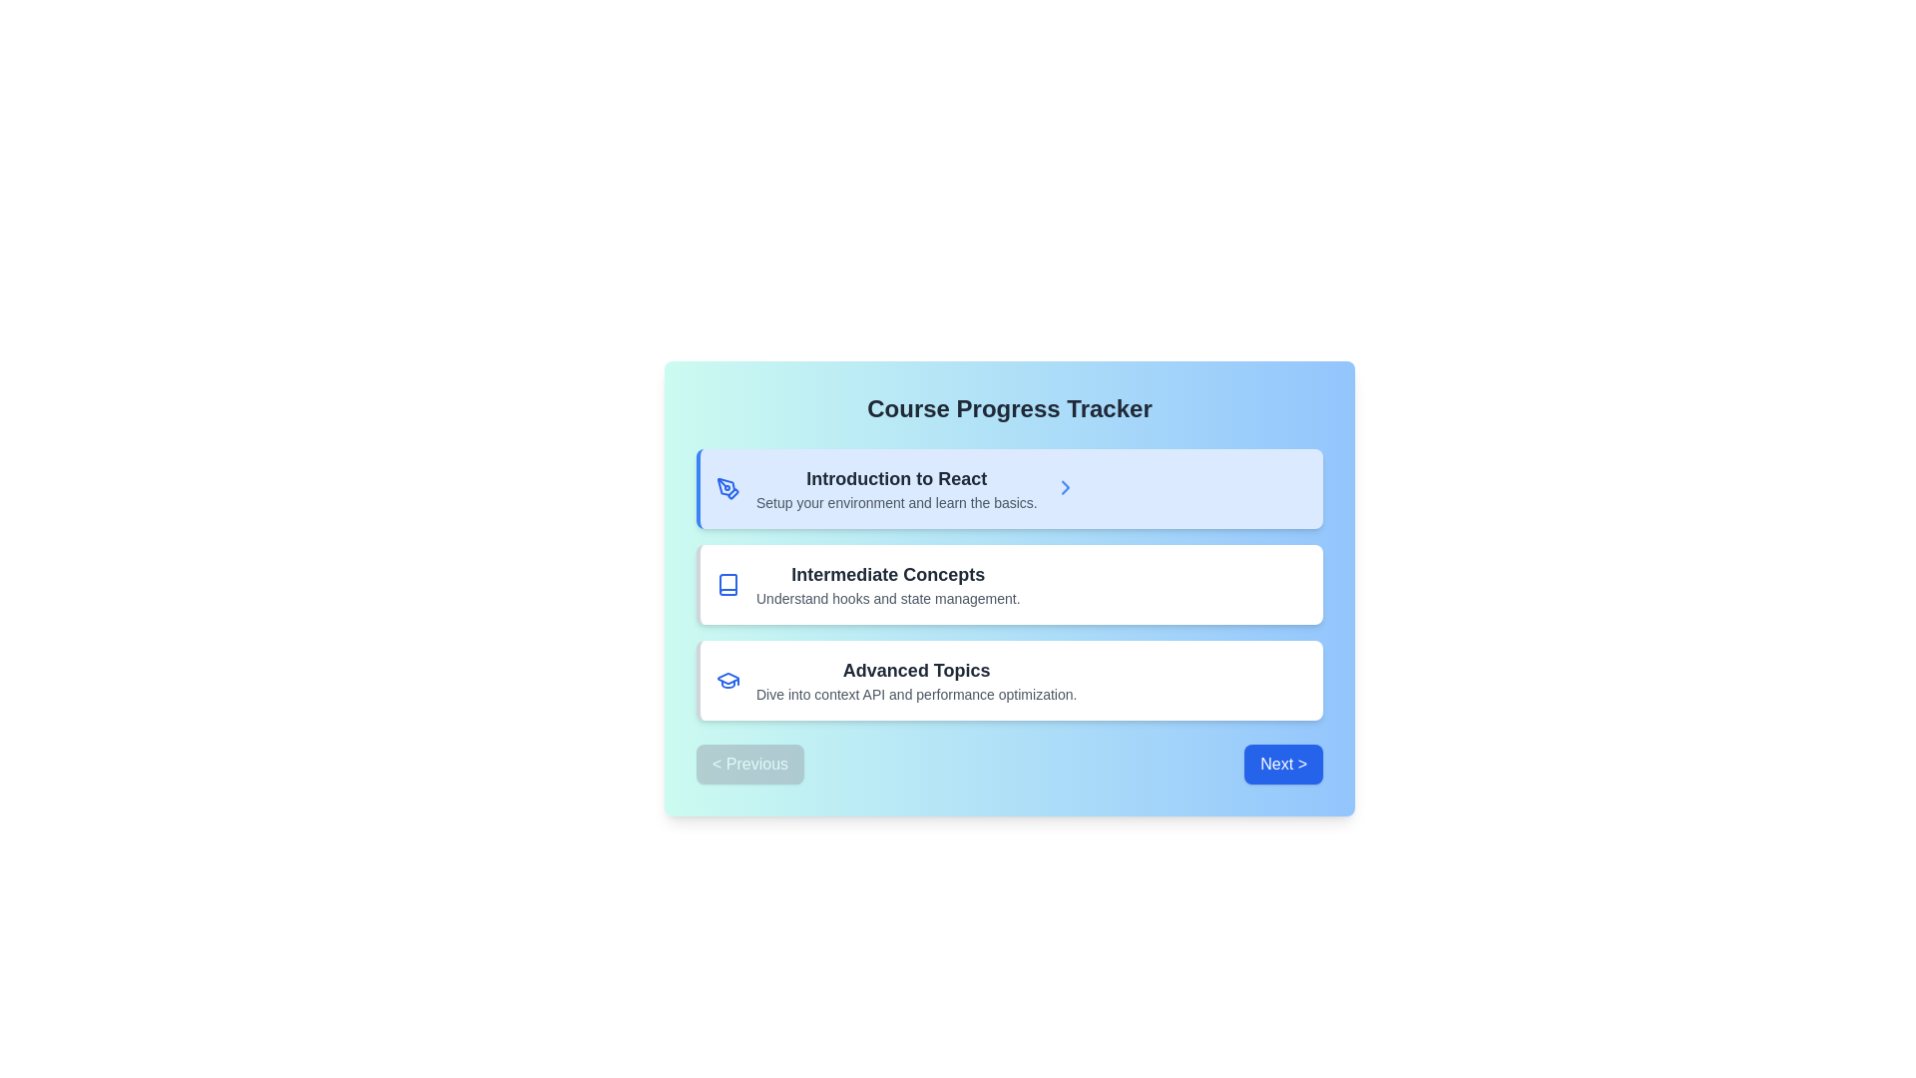  Describe the element at coordinates (1010, 584) in the screenshot. I see `contents of the Informational card detailing the topic 'Intermediate Concepts' in the Course Progress Tracker interface, which is the second card in the vertical list` at that location.